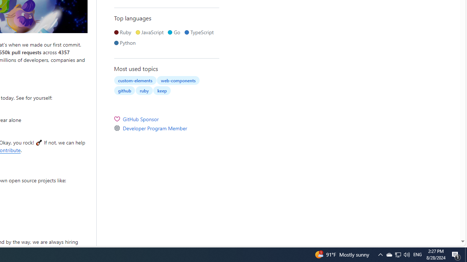 The width and height of the screenshot is (467, 262). I want to click on 'ruby', so click(144, 90).